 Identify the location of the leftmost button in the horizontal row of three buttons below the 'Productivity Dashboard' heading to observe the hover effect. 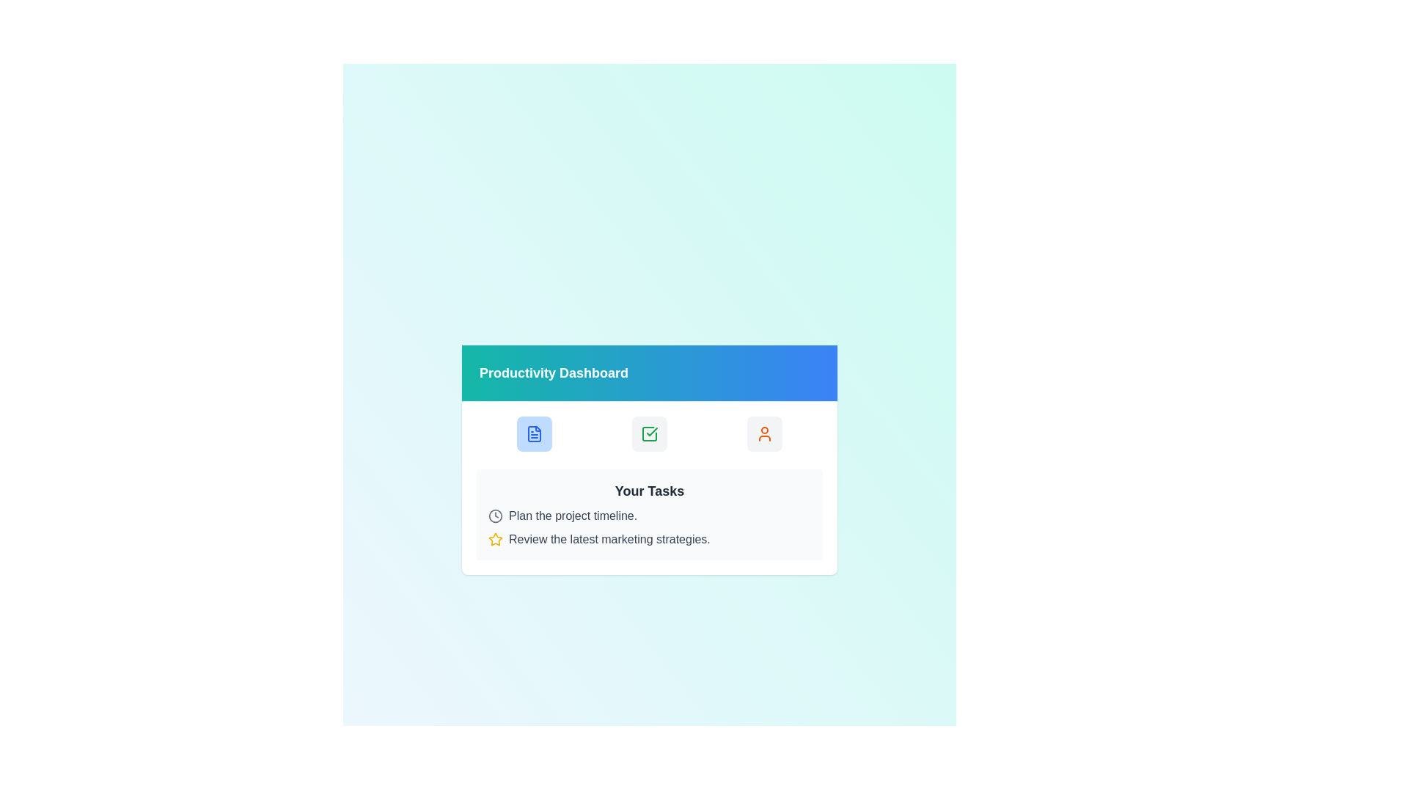
(533, 433).